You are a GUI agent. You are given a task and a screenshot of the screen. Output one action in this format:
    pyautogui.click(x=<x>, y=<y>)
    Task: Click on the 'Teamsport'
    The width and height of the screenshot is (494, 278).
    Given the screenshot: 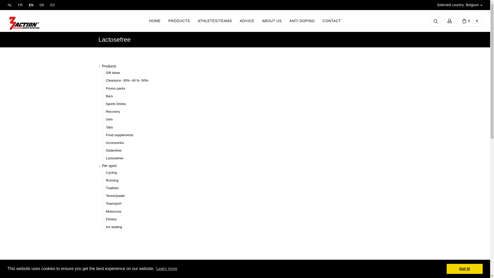 What is the action you would take?
    pyautogui.click(x=113, y=203)
    